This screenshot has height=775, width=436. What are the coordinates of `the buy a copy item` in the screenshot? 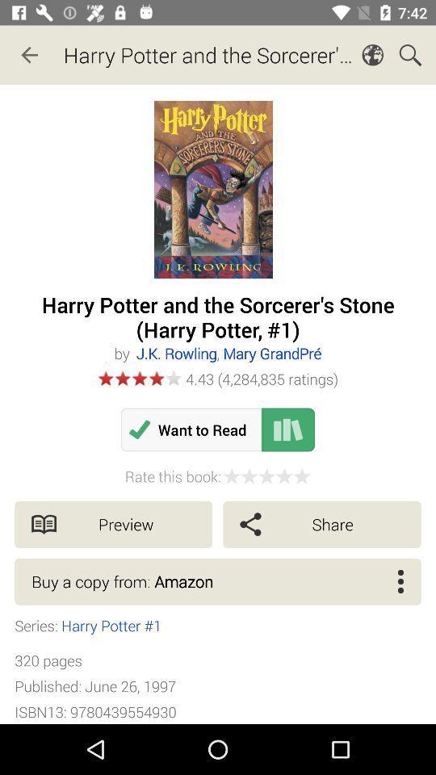 It's located at (218, 581).